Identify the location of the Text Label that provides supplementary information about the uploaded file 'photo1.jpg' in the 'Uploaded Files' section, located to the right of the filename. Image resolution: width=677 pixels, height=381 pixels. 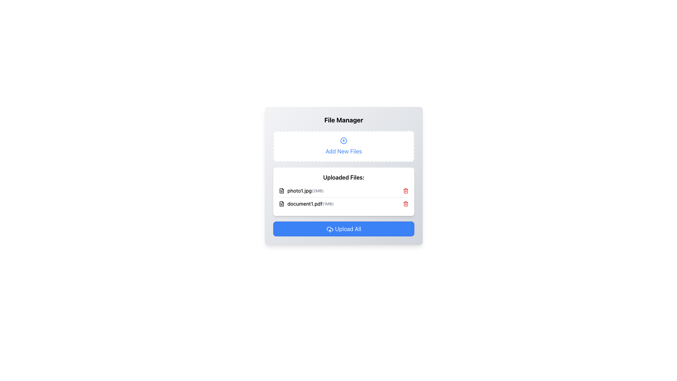
(317, 190).